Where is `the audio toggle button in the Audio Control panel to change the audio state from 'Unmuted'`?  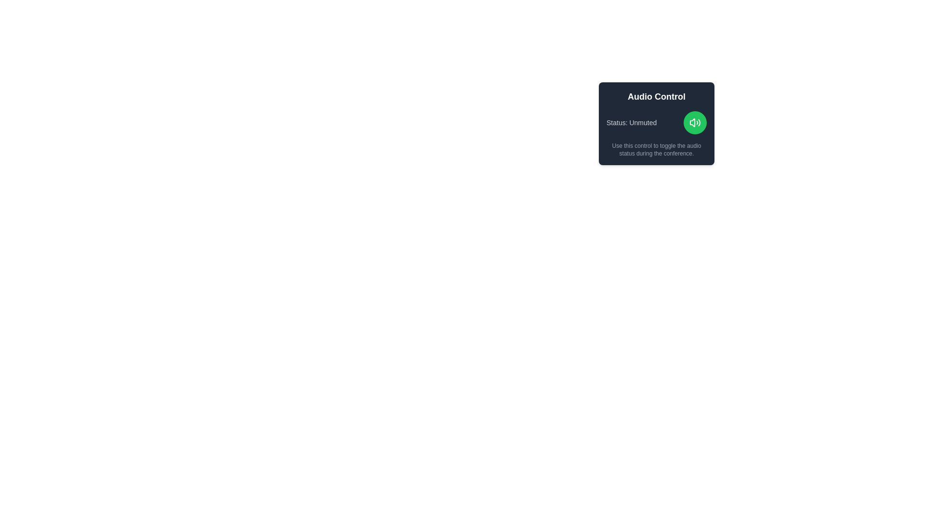 the audio toggle button in the Audio Control panel to change the audio state from 'Unmuted' is located at coordinates (656, 122).